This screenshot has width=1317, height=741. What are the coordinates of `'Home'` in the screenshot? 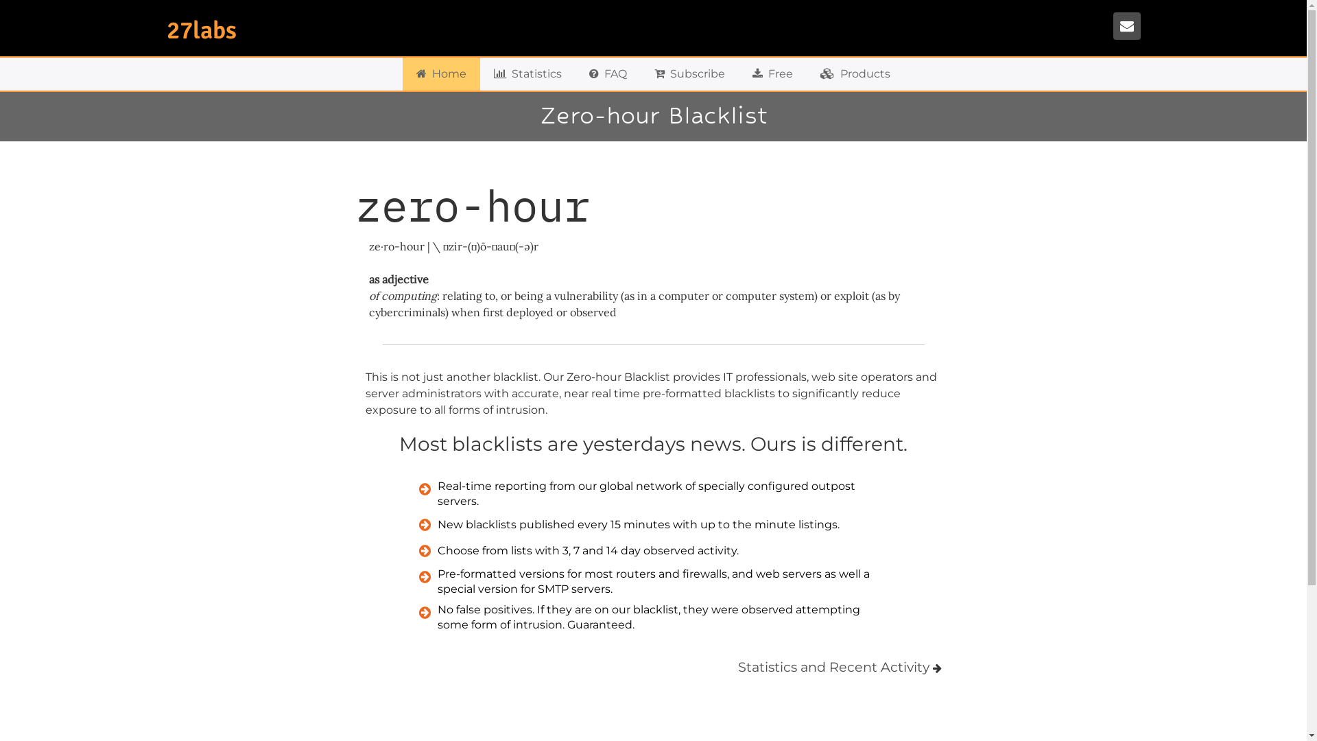 It's located at (441, 74).